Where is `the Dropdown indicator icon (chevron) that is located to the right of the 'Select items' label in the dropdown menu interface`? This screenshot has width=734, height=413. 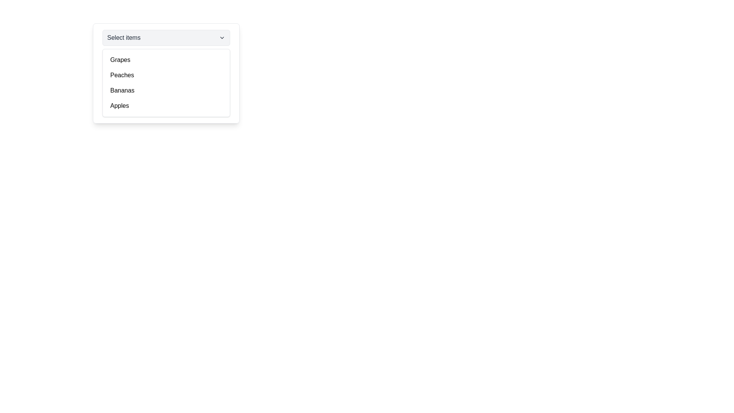
the Dropdown indicator icon (chevron) that is located to the right of the 'Select items' label in the dropdown menu interface is located at coordinates (221, 38).